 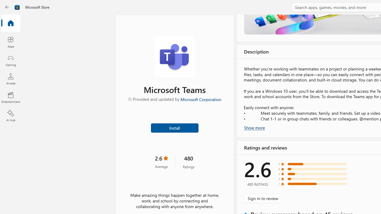 I want to click on 'Microsoft Corporation', so click(x=200, y=99).